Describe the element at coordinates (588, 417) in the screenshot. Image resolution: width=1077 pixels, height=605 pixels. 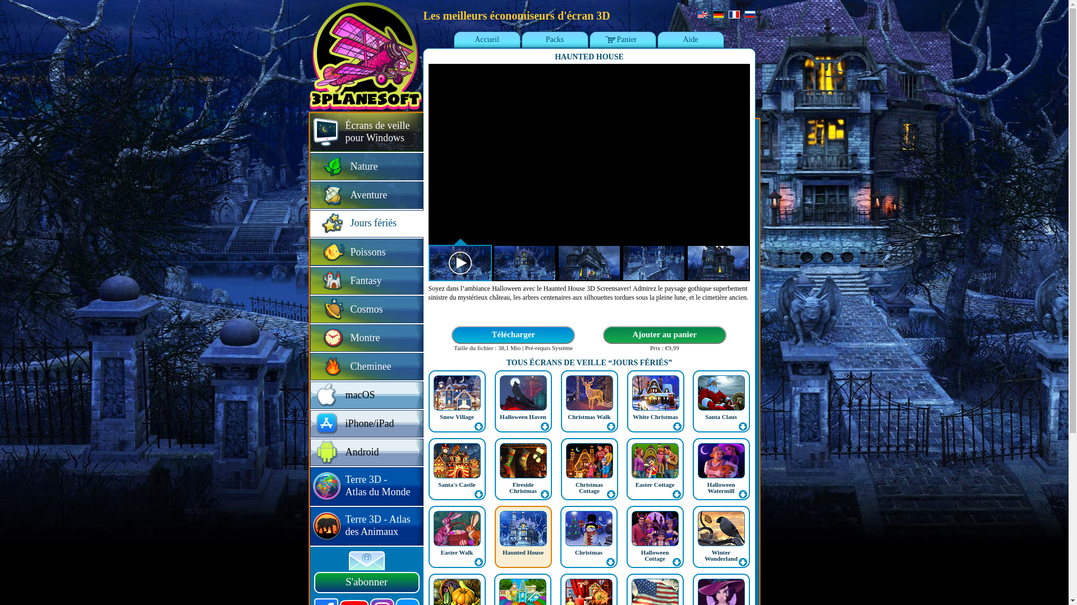
I see `'Christmas Walk'` at that location.